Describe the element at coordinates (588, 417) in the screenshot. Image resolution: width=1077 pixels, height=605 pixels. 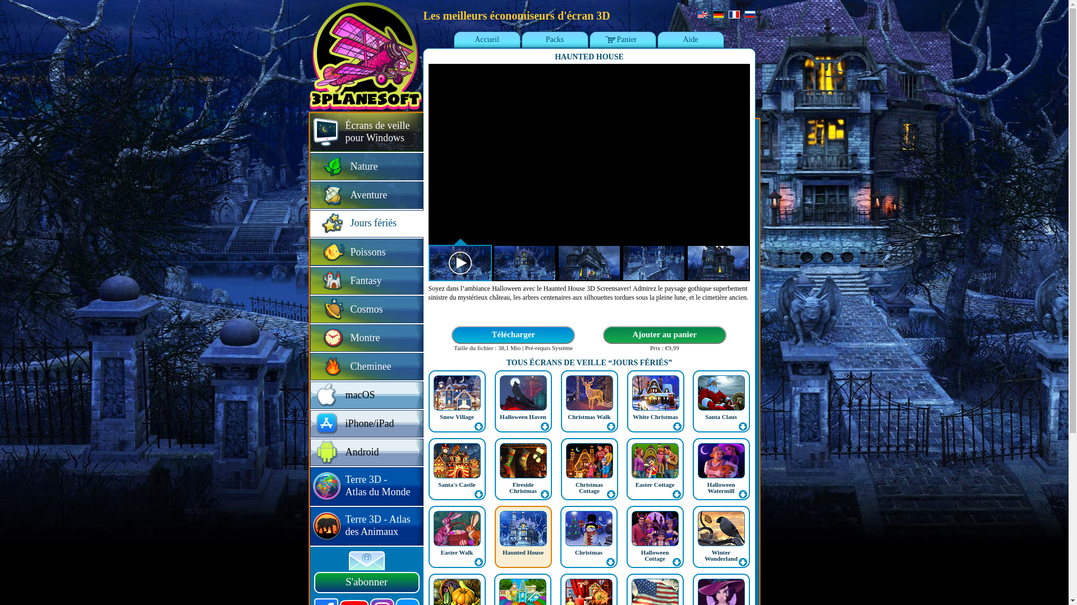
I see `'Christmas Walk'` at that location.